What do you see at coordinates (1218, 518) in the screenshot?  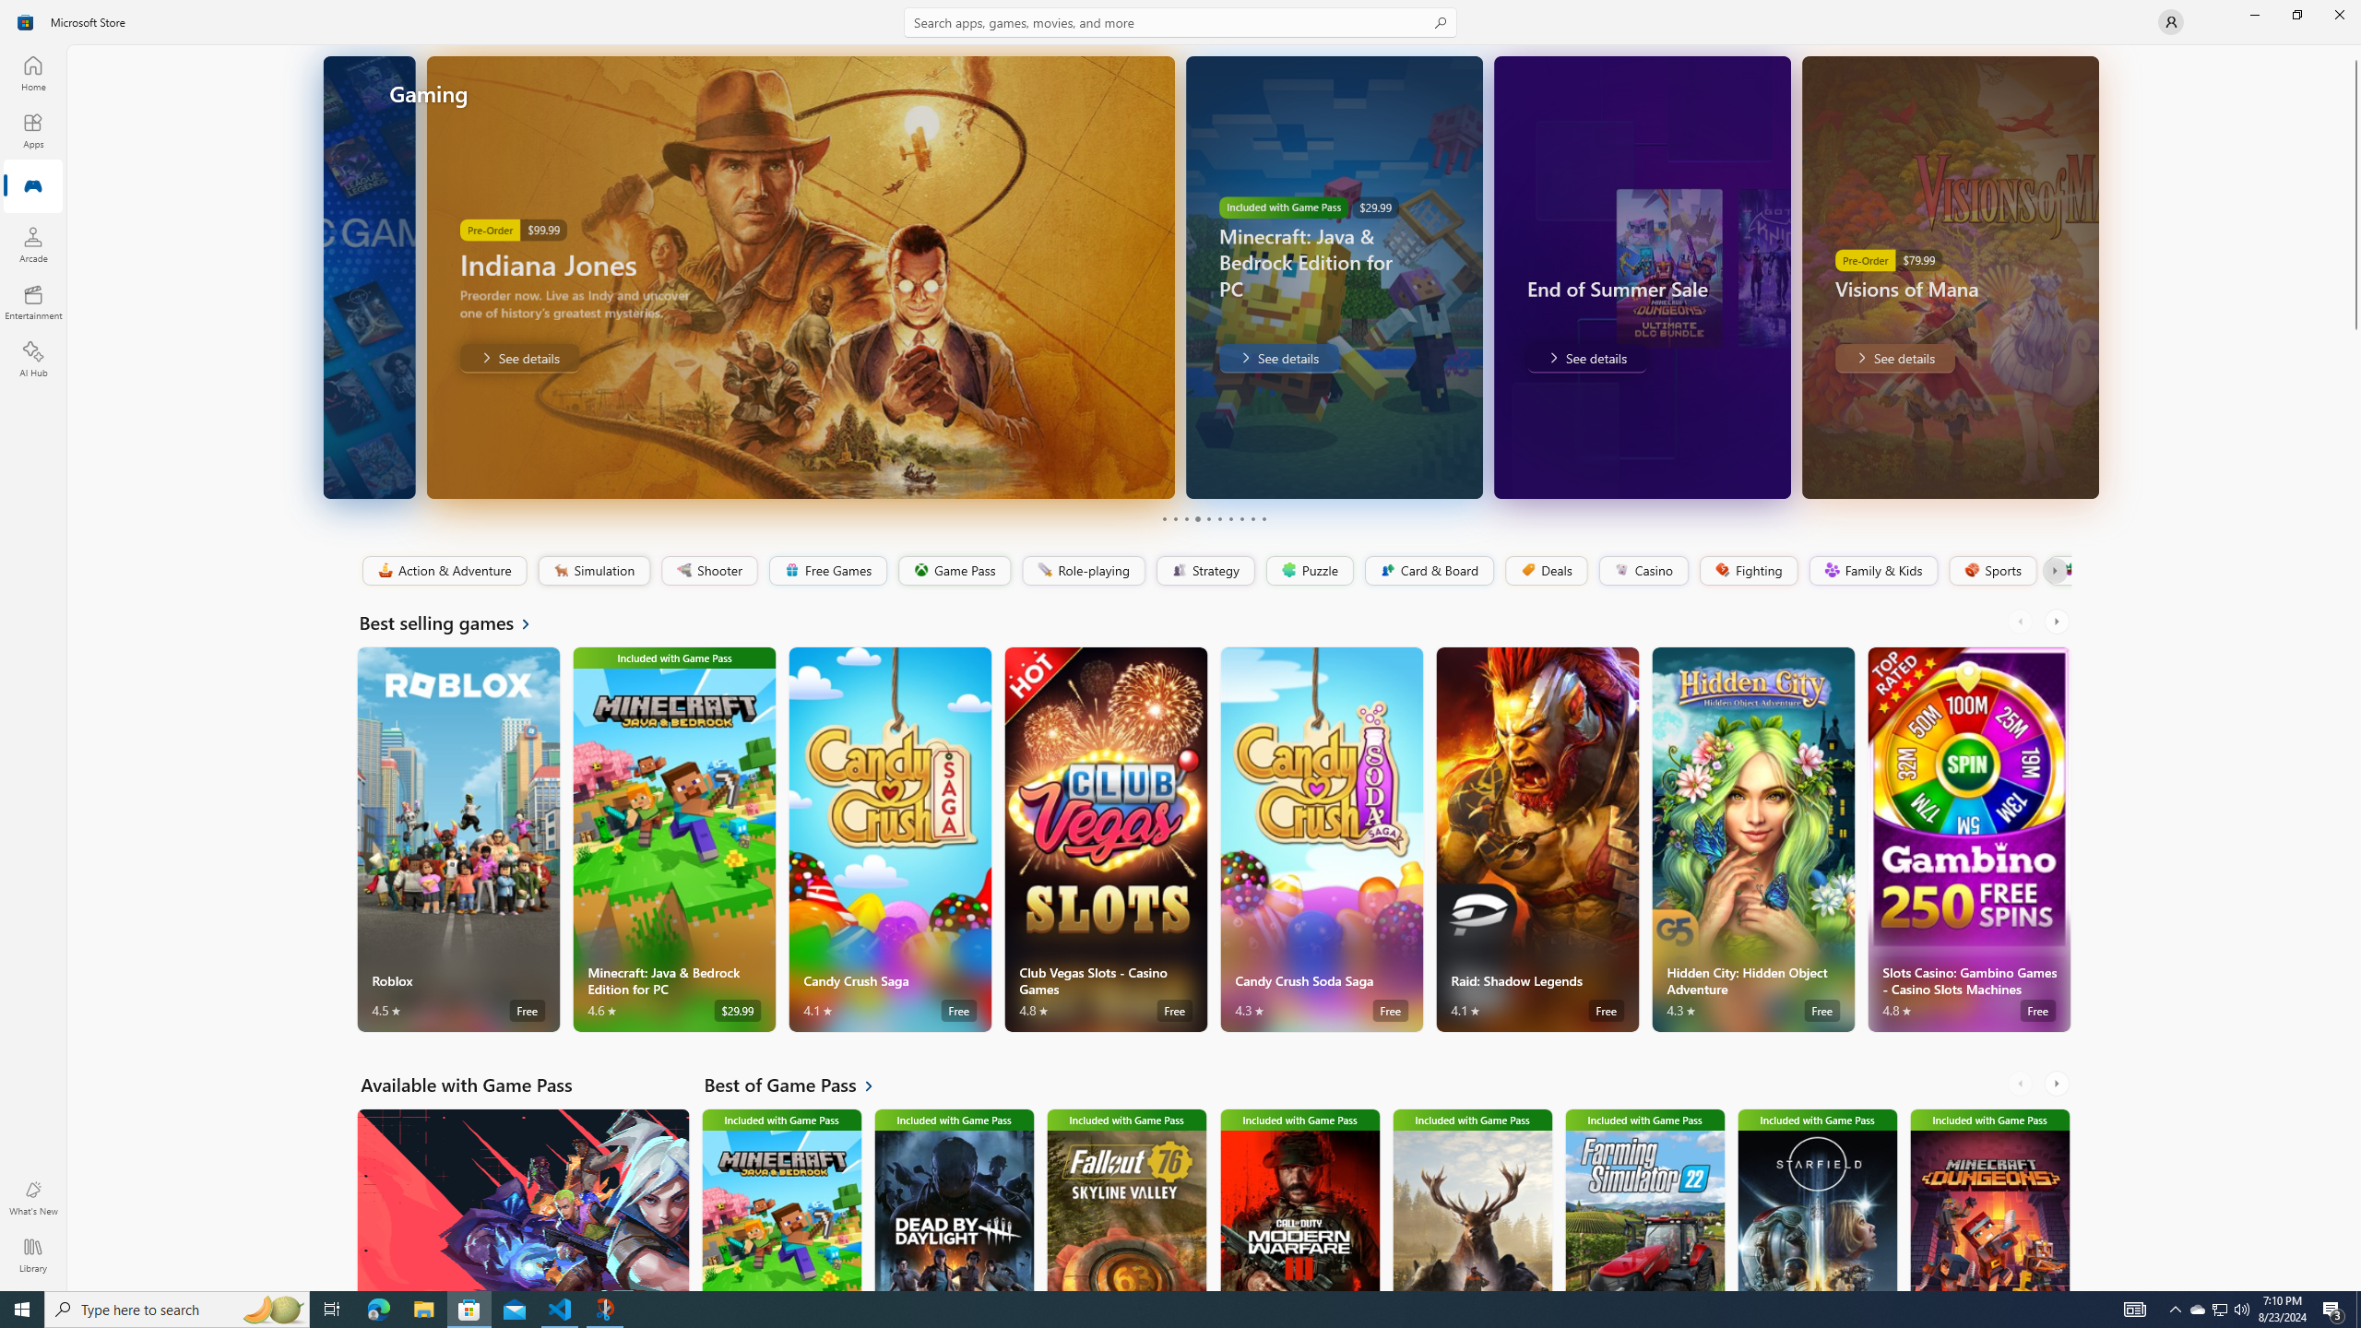 I see `'Page 6'` at bounding box center [1218, 518].